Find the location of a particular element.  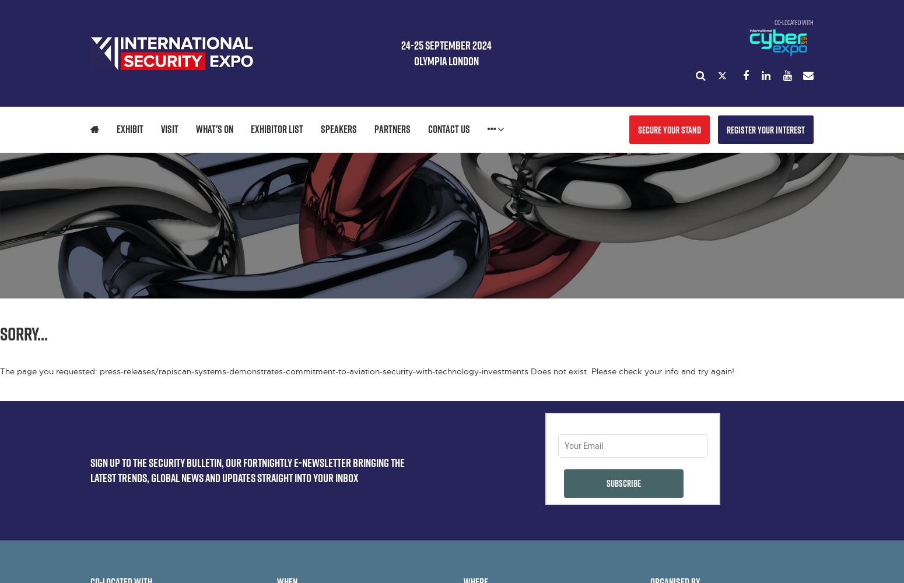

'WHY VISIT' is located at coordinates (197, 161).